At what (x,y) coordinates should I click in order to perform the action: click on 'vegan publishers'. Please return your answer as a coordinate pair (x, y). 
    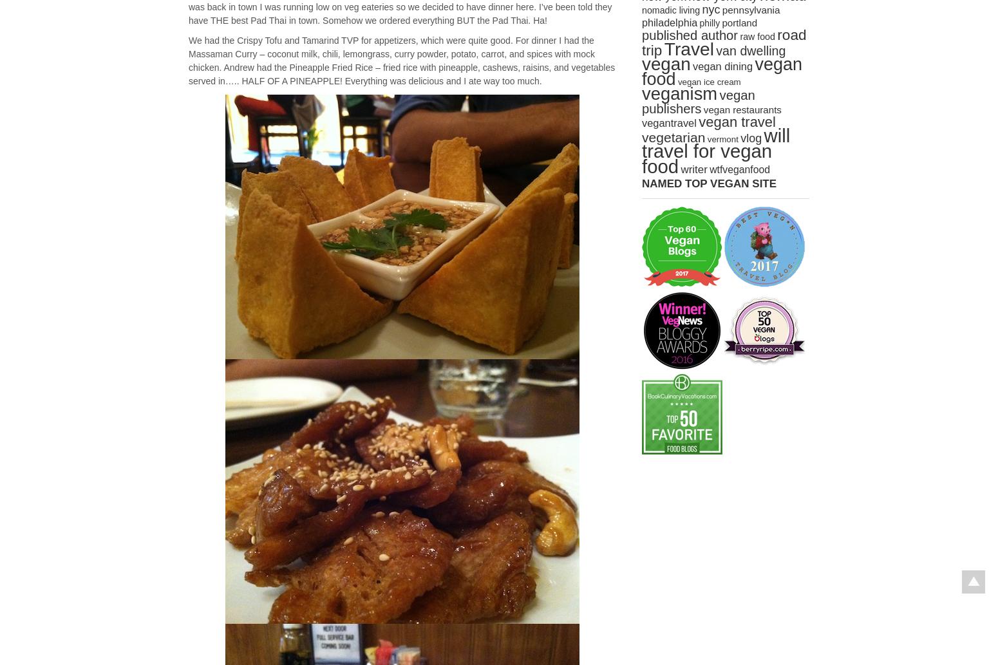
    Looking at the image, I should click on (698, 102).